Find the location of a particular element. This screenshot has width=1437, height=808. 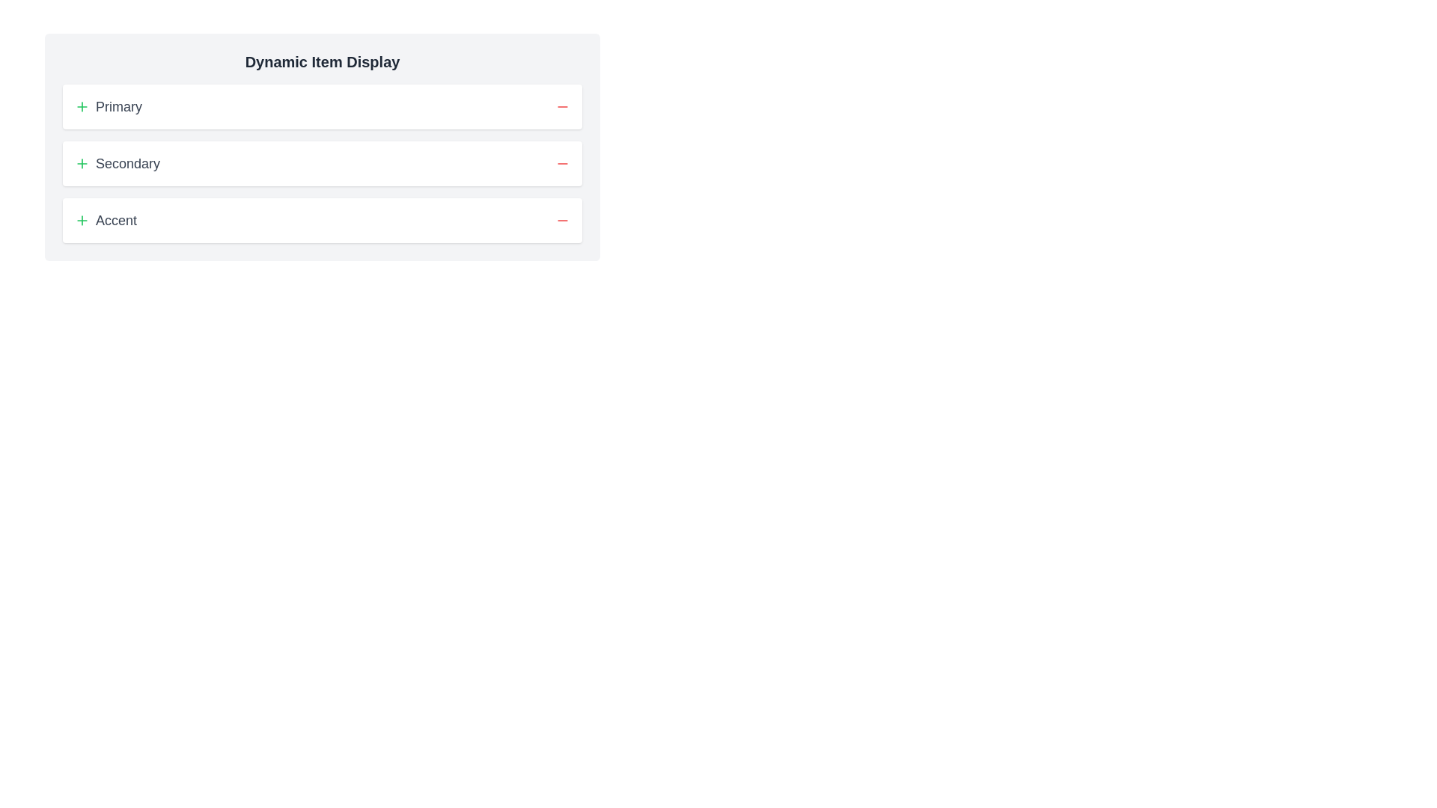

the text label that describes the primary option in the first row, located centrally aligned next to the green plus icon is located at coordinates (118, 105).